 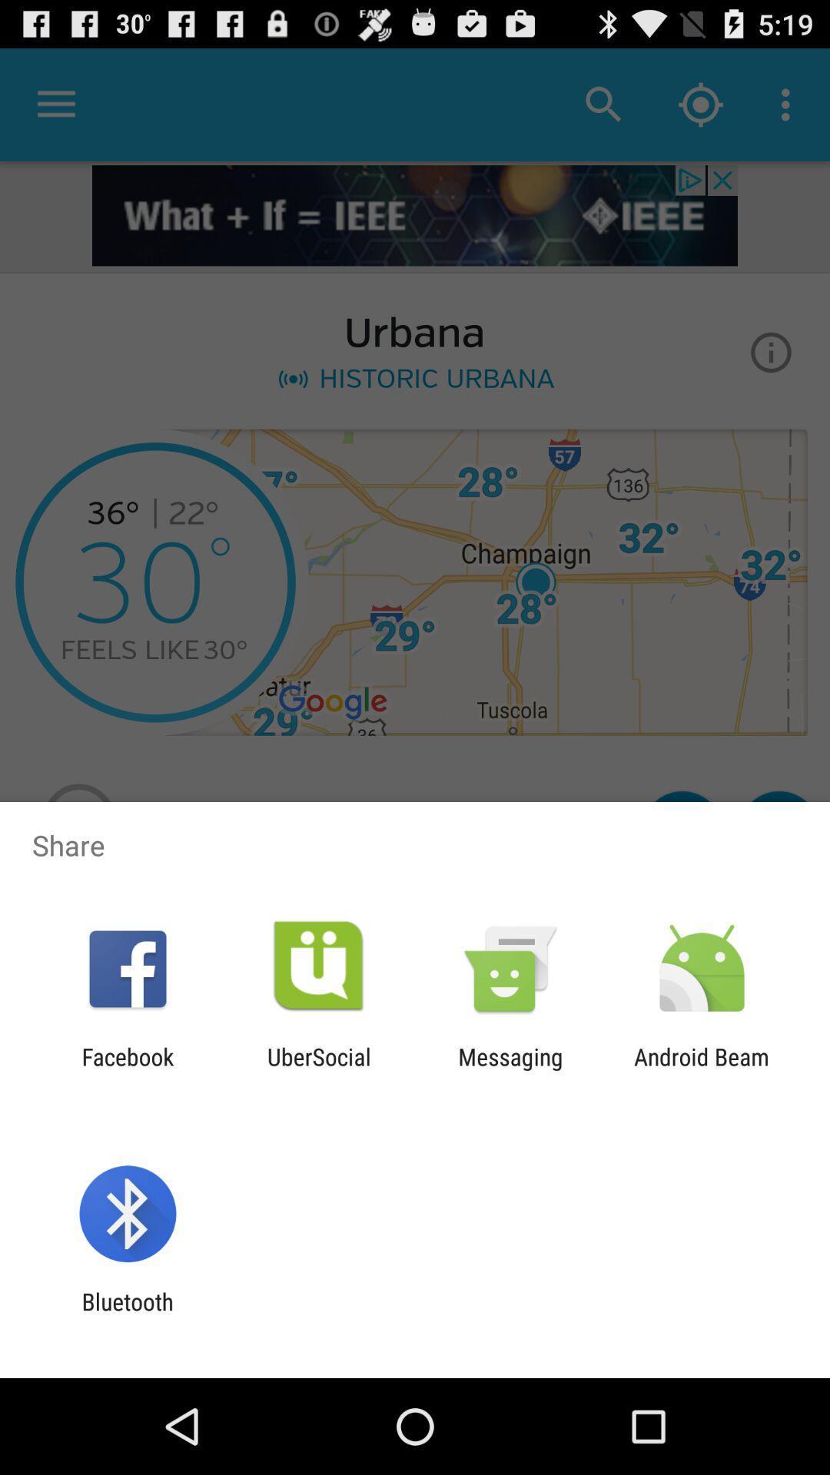 What do you see at coordinates (510, 1069) in the screenshot?
I see `the icon to the left of android beam item` at bounding box center [510, 1069].